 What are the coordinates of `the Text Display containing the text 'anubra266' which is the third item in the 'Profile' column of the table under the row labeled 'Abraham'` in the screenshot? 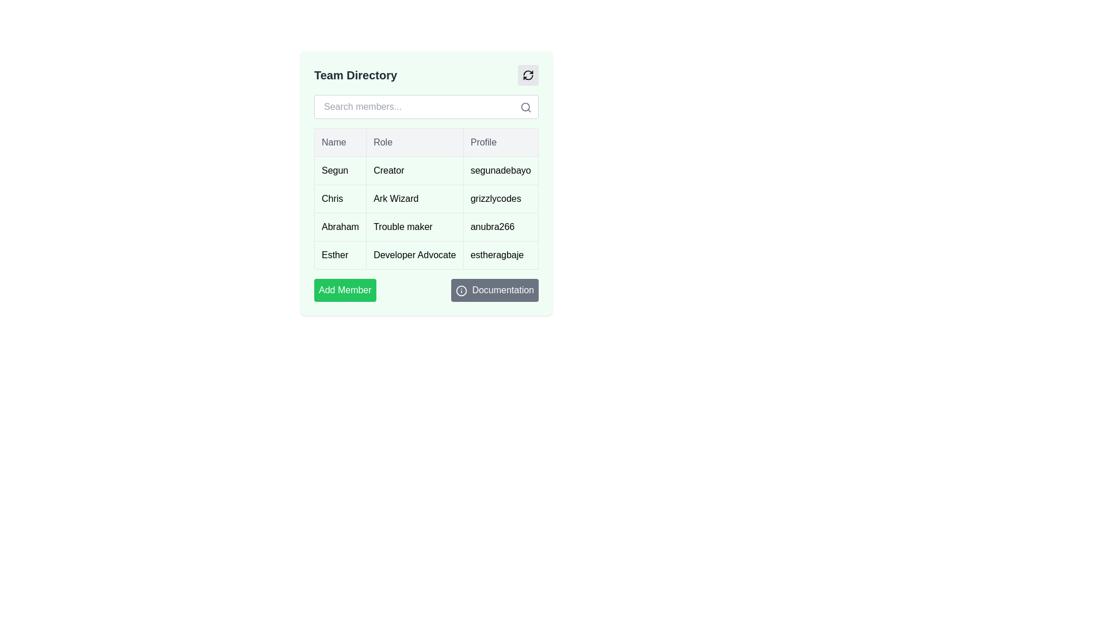 It's located at (501, 227).